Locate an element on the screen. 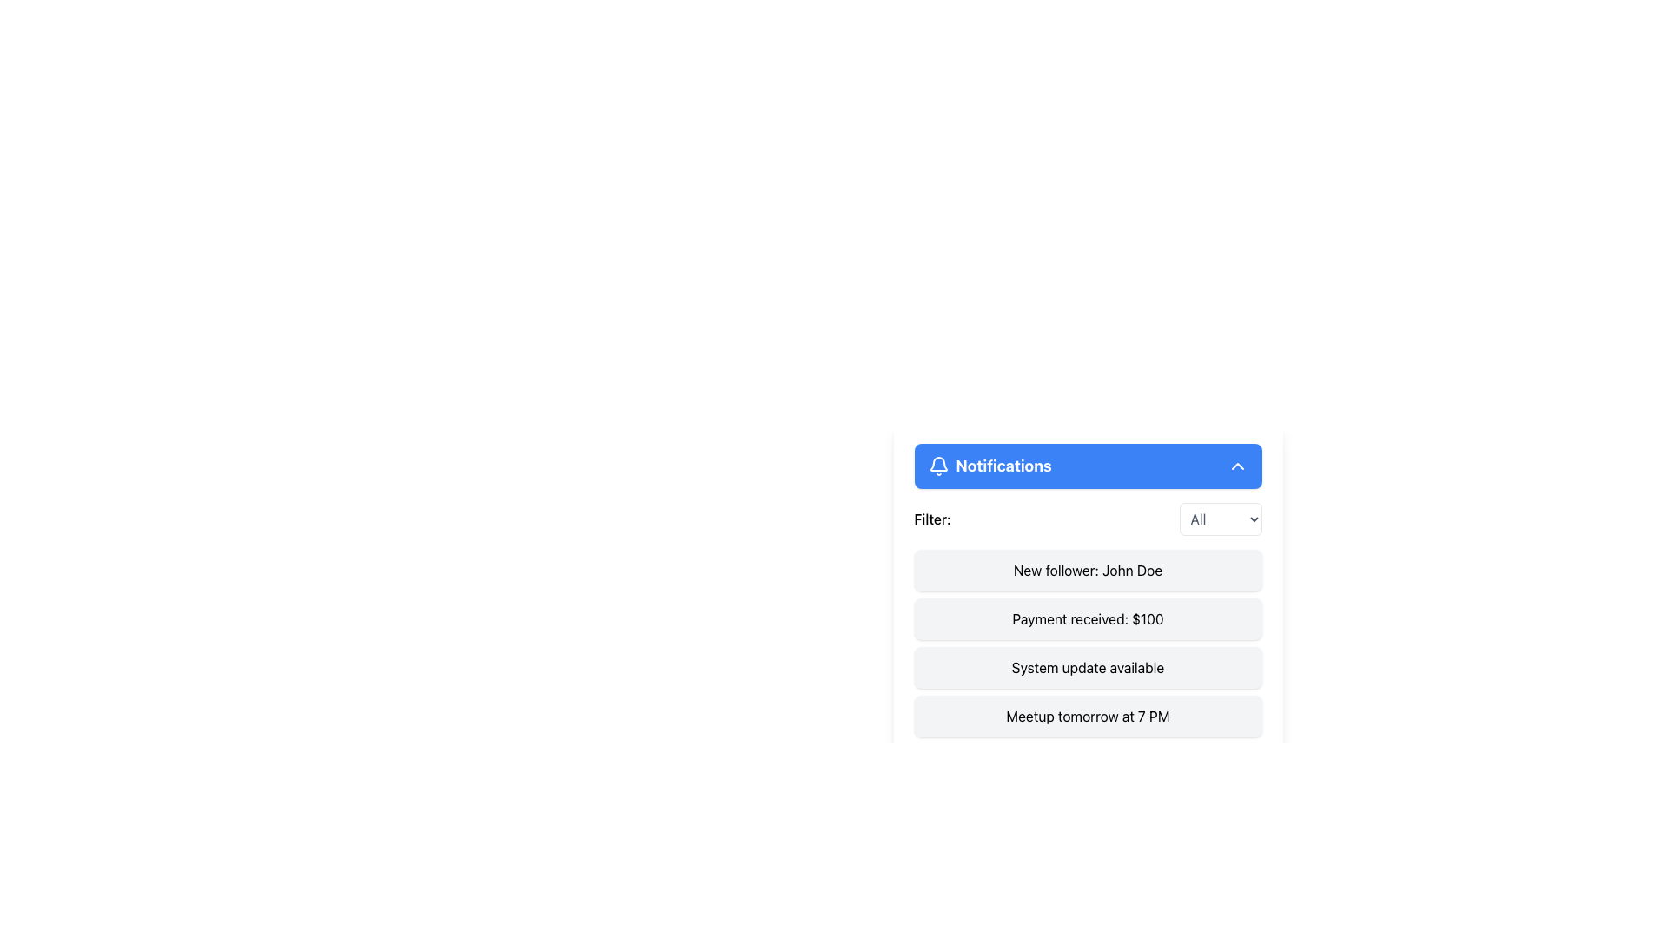  the Notification card displaying a payment received of $100, which is positioned second from the top in the notification stack is located at coordinates (1087, 618).